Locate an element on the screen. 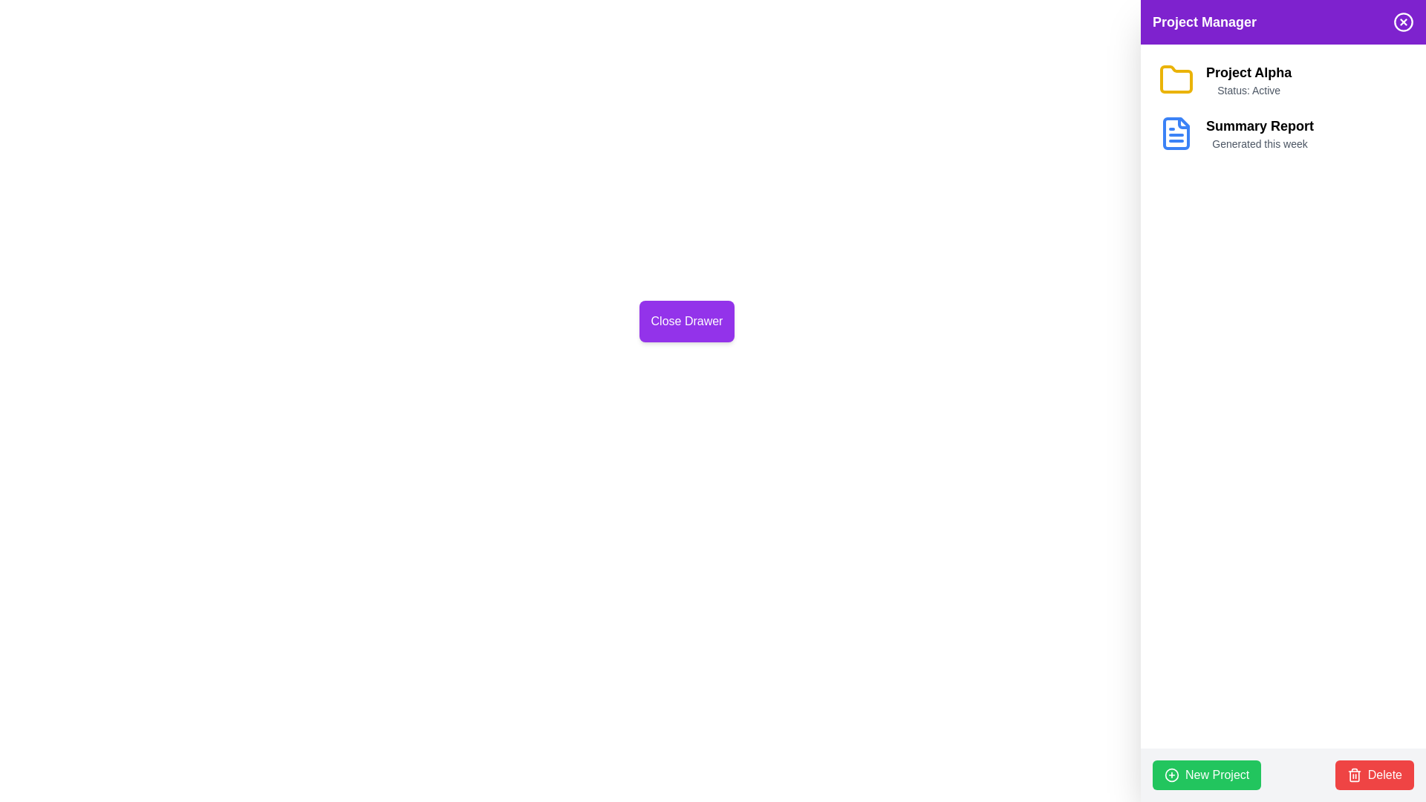 The height and width of the screenshot is (802, 1426). the informational label that indicates the status (Active) of 'Project Alpha' located in the 'Project Manager' right sidebar is located at coordinates (1248, 91).